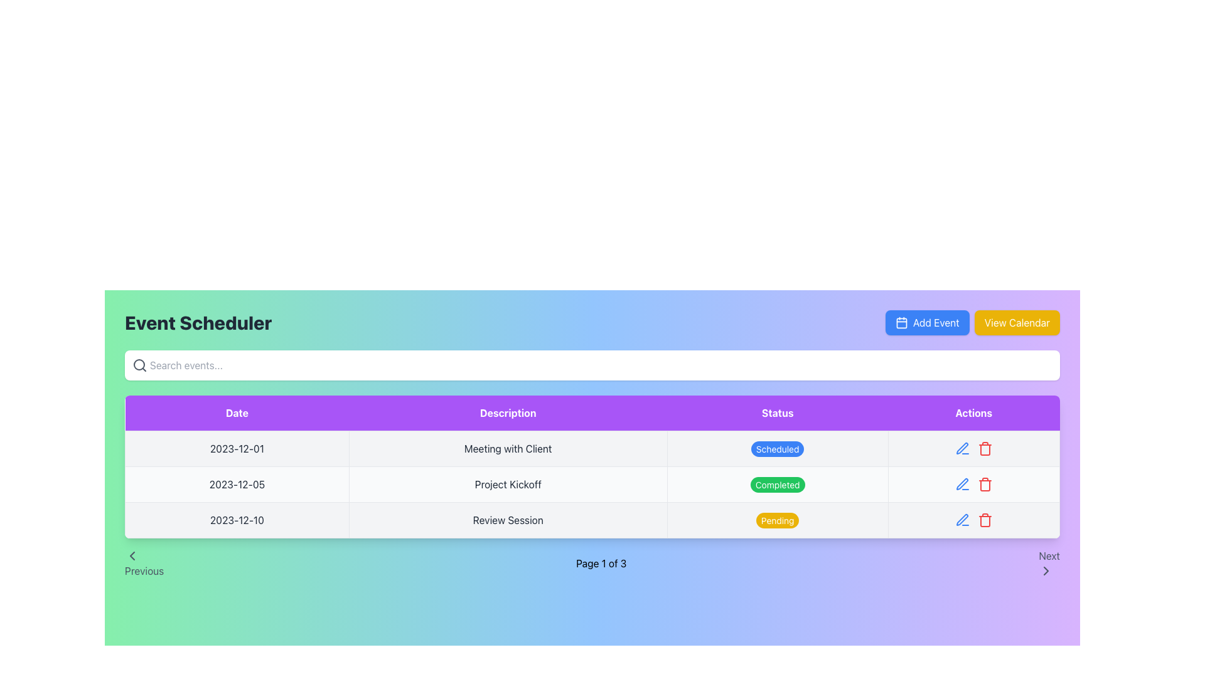  I want to click on the text label displaying the date '2023-12-05' in the first column of the second row of the table, so click(237, 483).